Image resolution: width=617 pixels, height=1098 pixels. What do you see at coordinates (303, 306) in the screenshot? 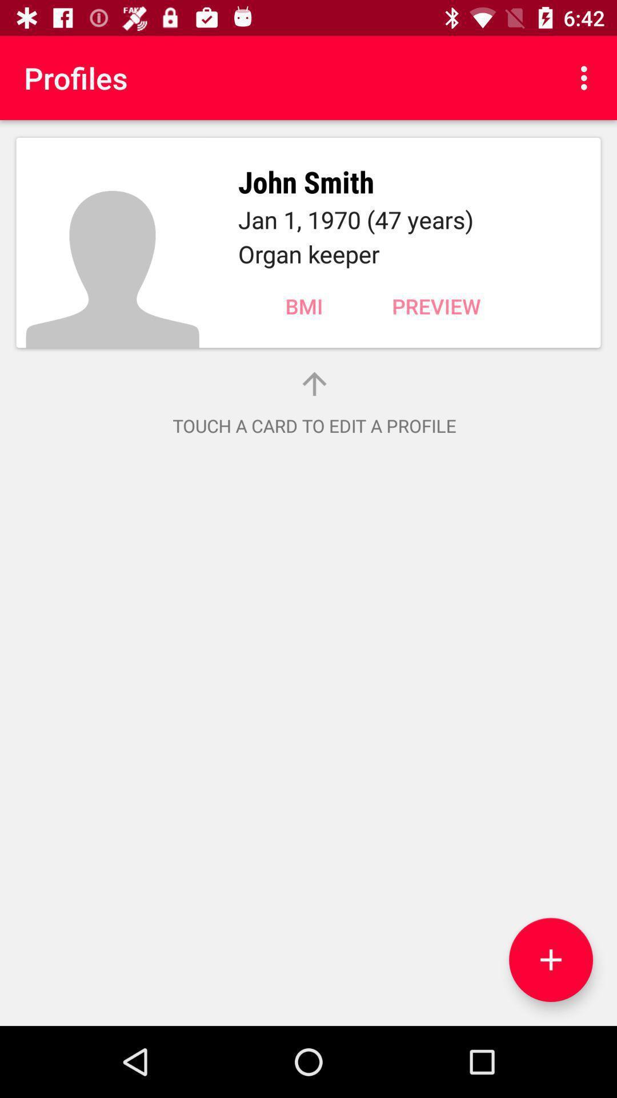
I see `bmi icon` at bounding box center [303, 306].